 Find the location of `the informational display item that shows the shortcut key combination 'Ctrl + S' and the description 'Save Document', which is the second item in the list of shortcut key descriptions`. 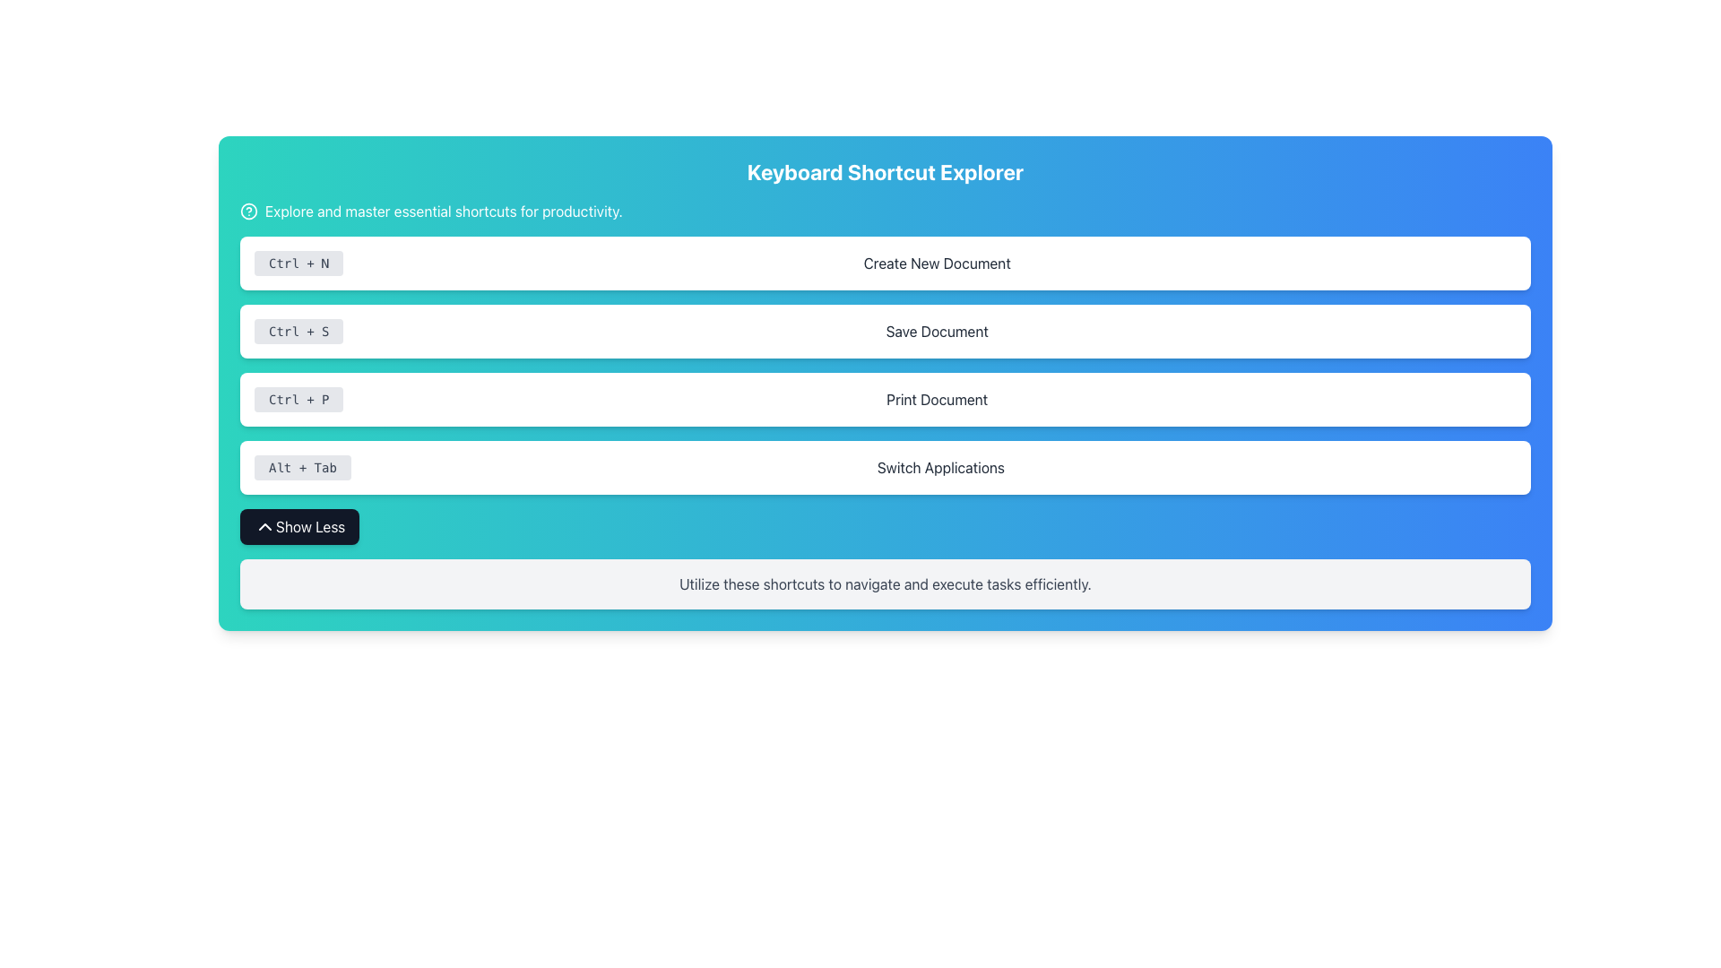

the informational display item that shows the shortcut key combination 'Ctrl + S' and the description 'Save Document', which is the second item in the list of shortcut key descriptions is located at coordinates (886, 332).